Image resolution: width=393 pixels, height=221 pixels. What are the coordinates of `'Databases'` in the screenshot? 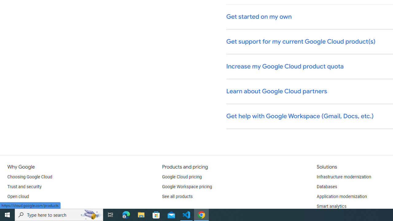 It's located at (326, 187).